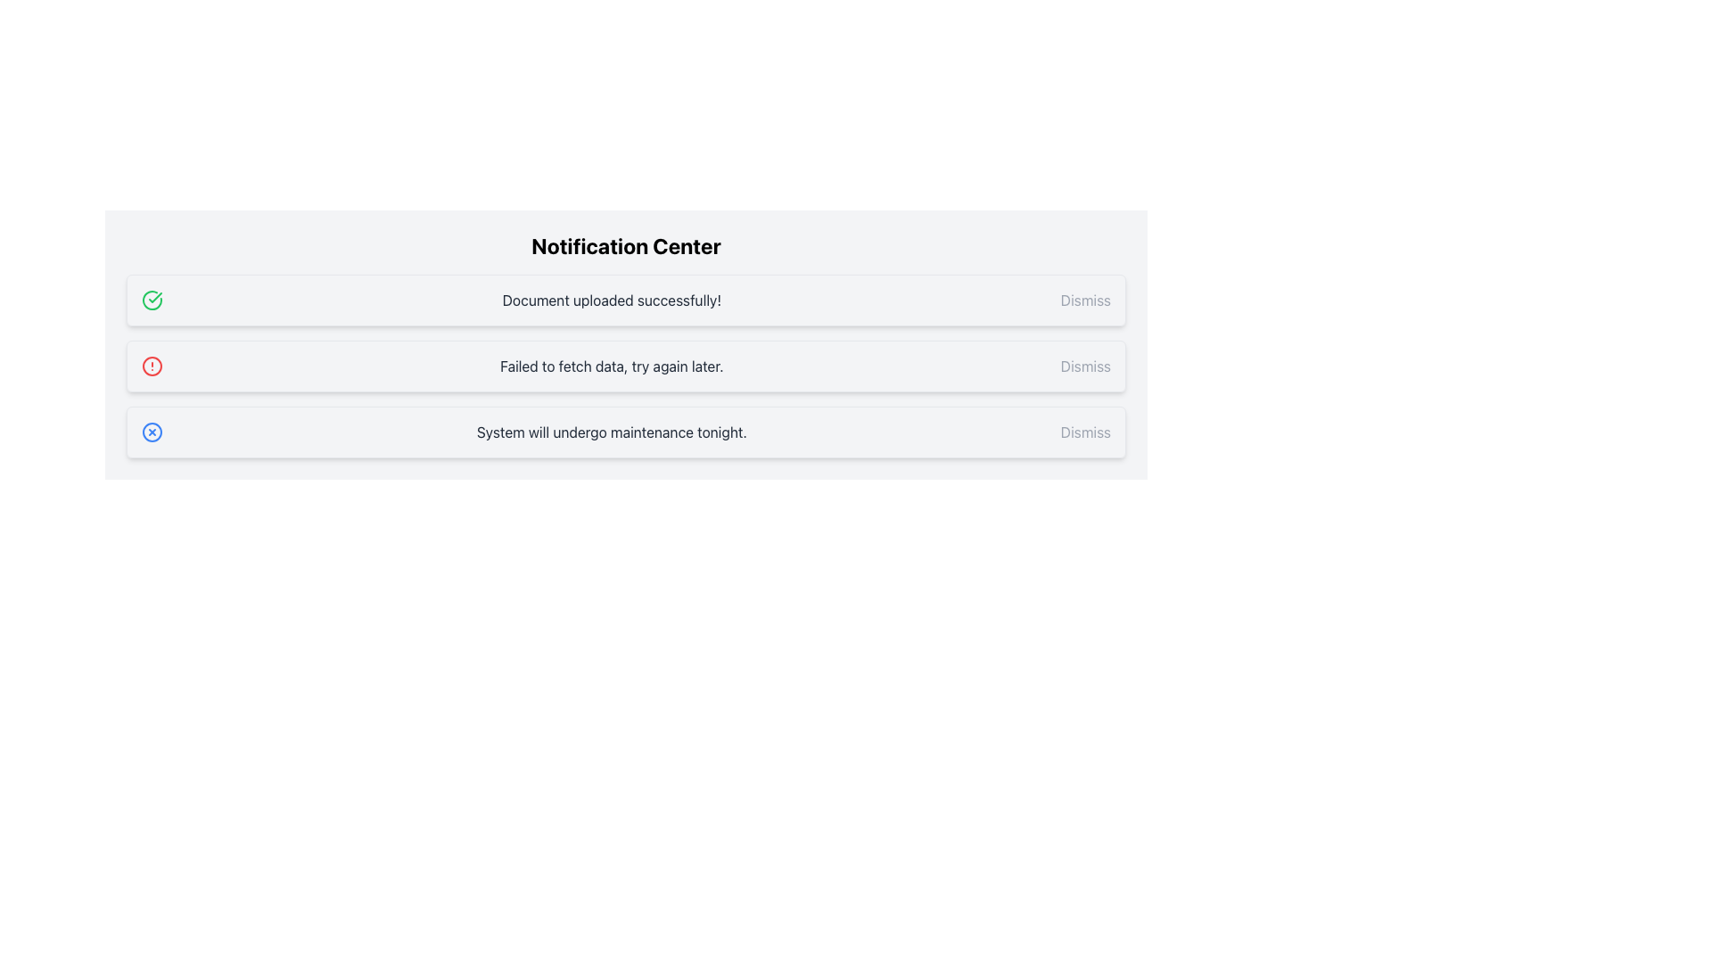 This screenshot has height=963, width=1712. Describe the element at coordinates (612, 299) in the screenshot. I see `the success notification text that indicates the successful upload of a document, located between the green checkmark icon and the 'Dismiss' button` at that location.